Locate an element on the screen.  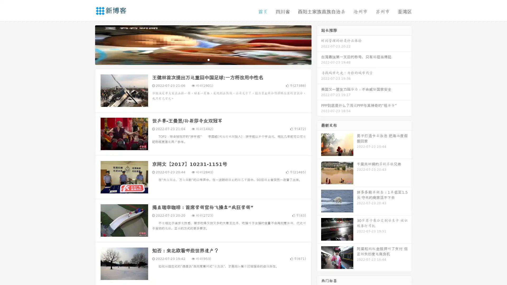
Next slide is located at coordinates (319, 44).